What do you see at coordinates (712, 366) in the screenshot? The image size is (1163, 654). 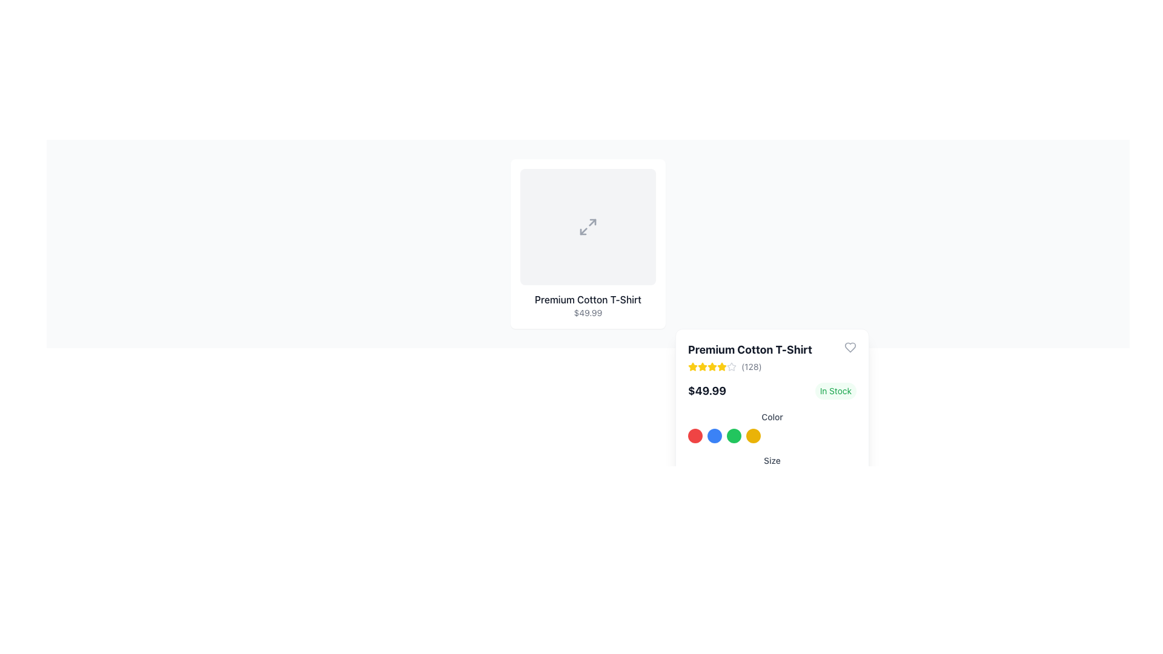 I see `the fifth star icon in the rating system above the product price for 'Premium Cotton T-Shirt' to alter the rating` at bounding box center [712, 366].